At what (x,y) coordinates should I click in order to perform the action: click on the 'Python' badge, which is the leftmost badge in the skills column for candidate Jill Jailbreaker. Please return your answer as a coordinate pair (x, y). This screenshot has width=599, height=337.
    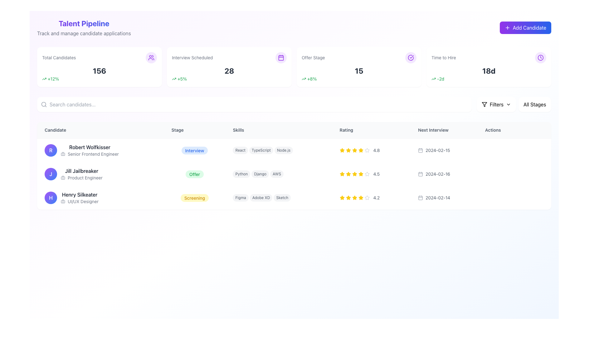
    Looking at the image, I should click on (241, 174).